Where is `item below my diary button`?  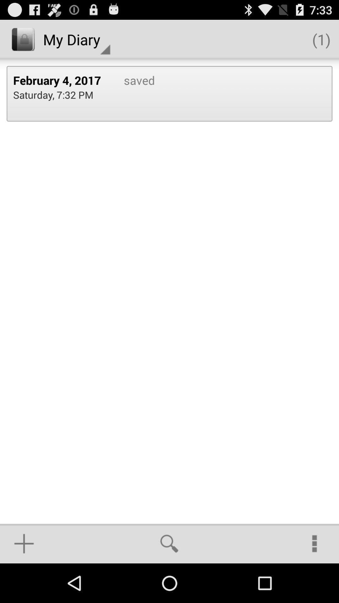
item below my diary button is located at coordinates (132, 93).